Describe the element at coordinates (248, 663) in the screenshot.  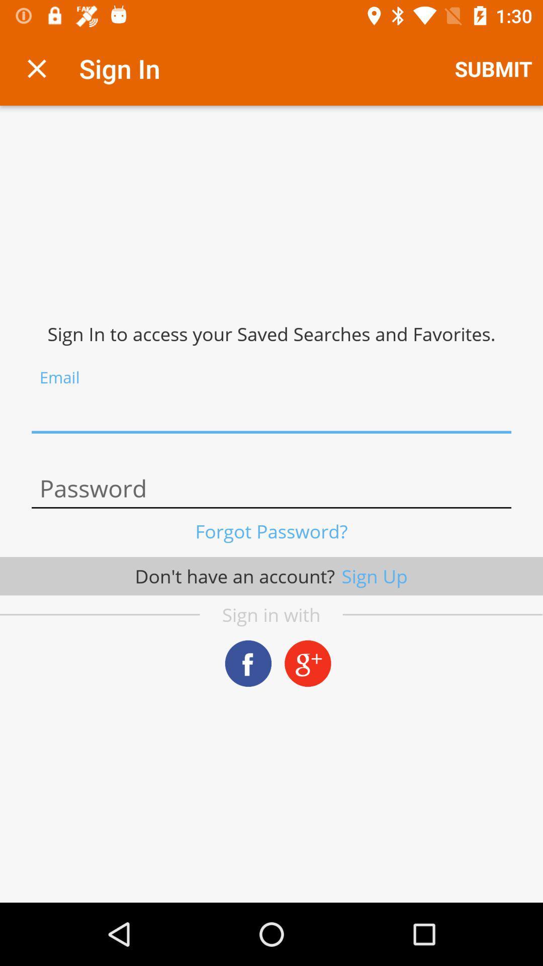
I see `facebook` at that location.